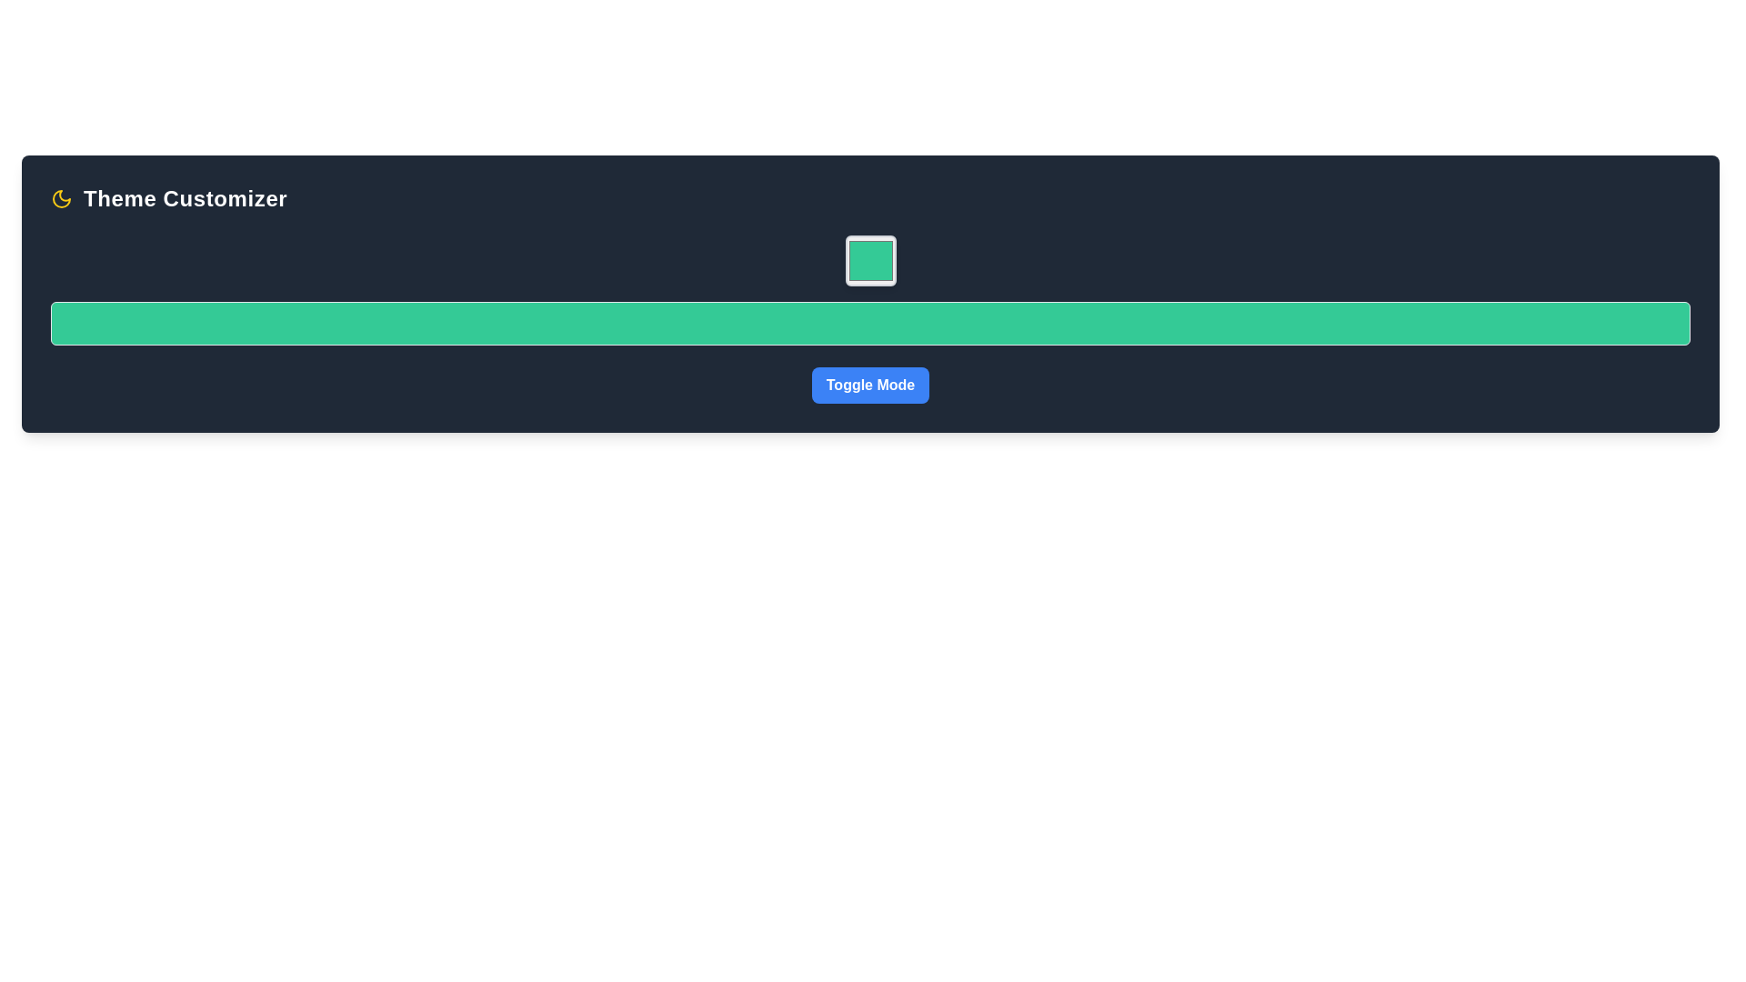  What do you see at coordinates (869, 260) in the screenshot?
I see `the Interactive Color Button in the Theme Customizer` at bounding box center [869, 260].